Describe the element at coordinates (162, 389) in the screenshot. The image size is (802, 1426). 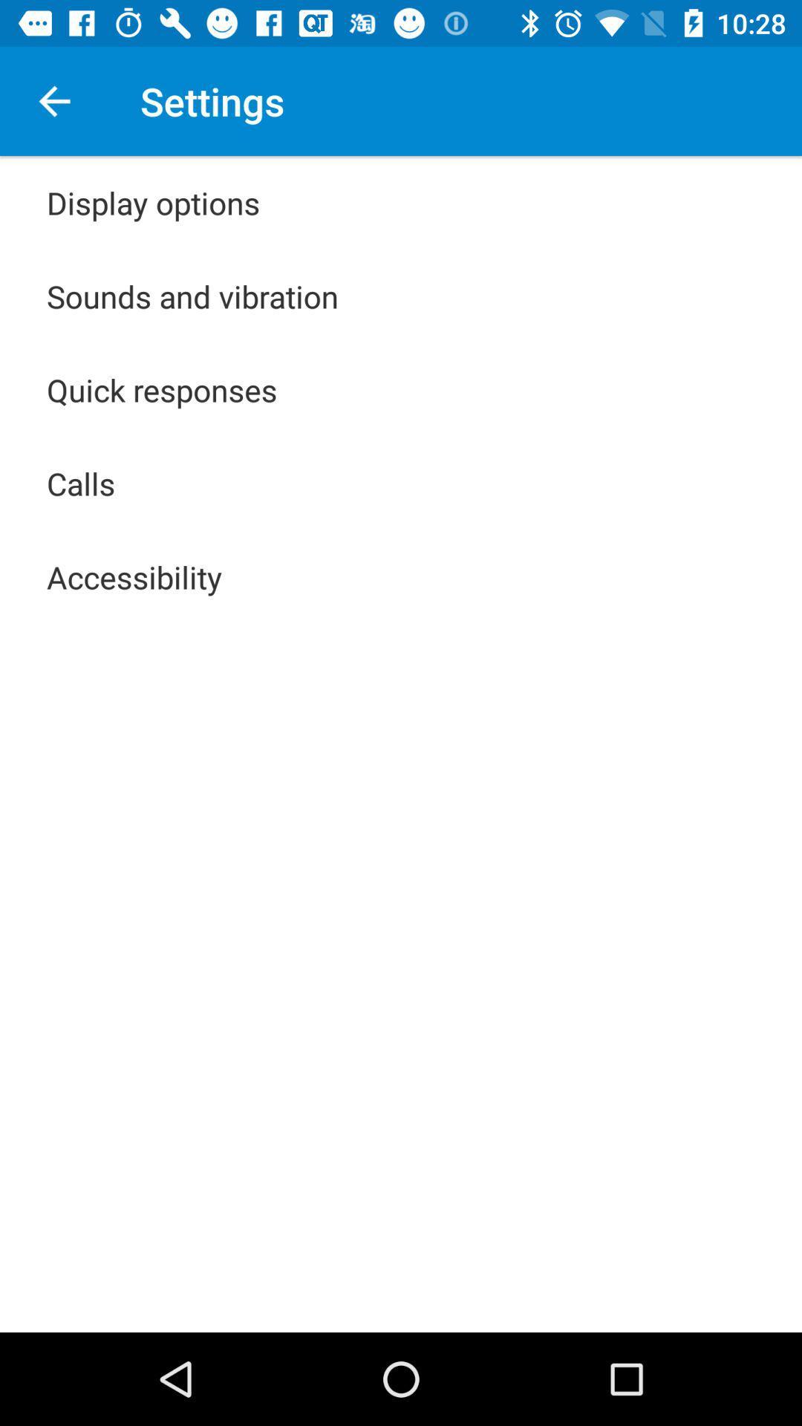
I see `quick responses app` at that location.